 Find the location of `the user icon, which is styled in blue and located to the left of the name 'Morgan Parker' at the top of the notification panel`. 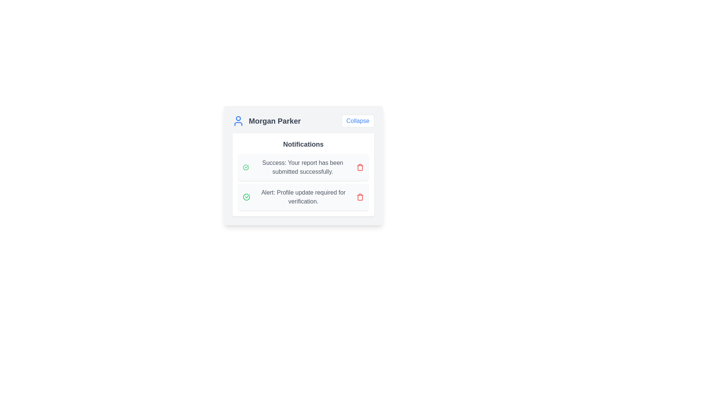

the user icon, which is styled in blue and located to the left of the name 'Morgan Parker' at the top of the notification panel is located at coordinates (238, 121).